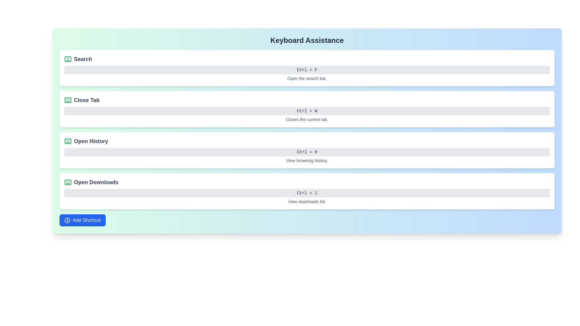  Describe the element at coordinates (307, 160) in the screenshot. I see `the informational text label that describes the action associated with 'Open History', located in the Keyboard Assistance section, specifically in the third row from the top` at that location.